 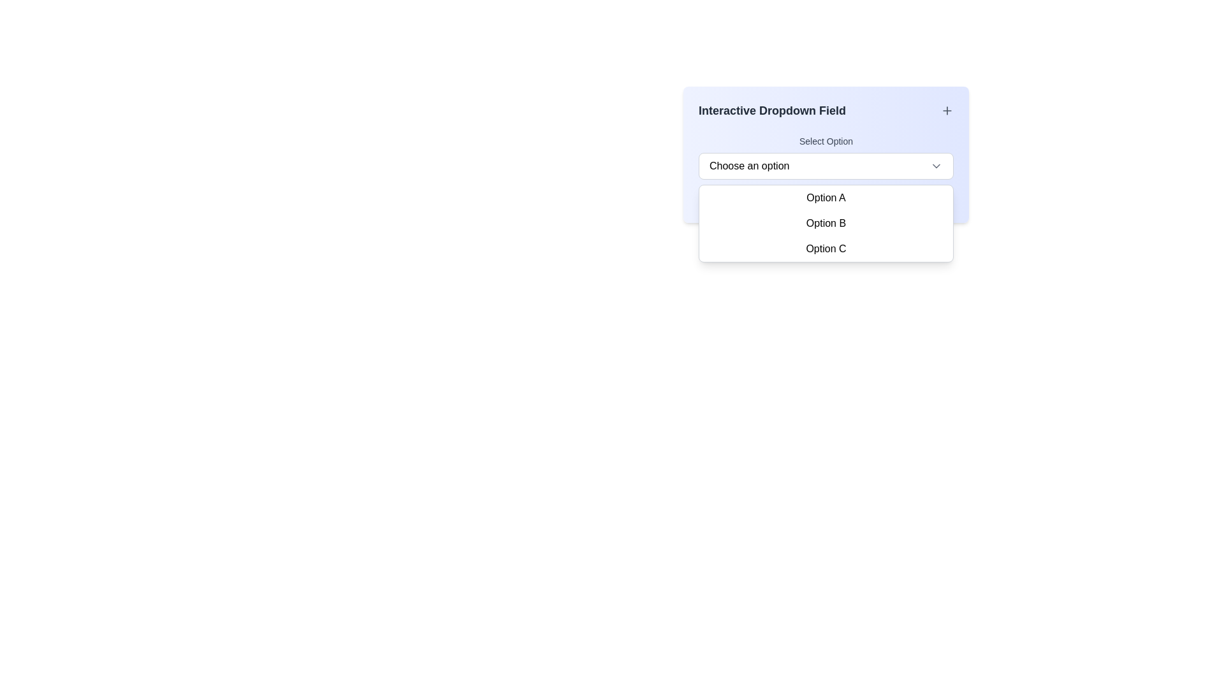 What do you see at coordinates (826, 110) in the screenshot?
I see `the Decorative text and icon section that indicates the purpose of the dropdown functionality, labeled 'Interactive Dropdown Field'` at bounding box center [826, 110].